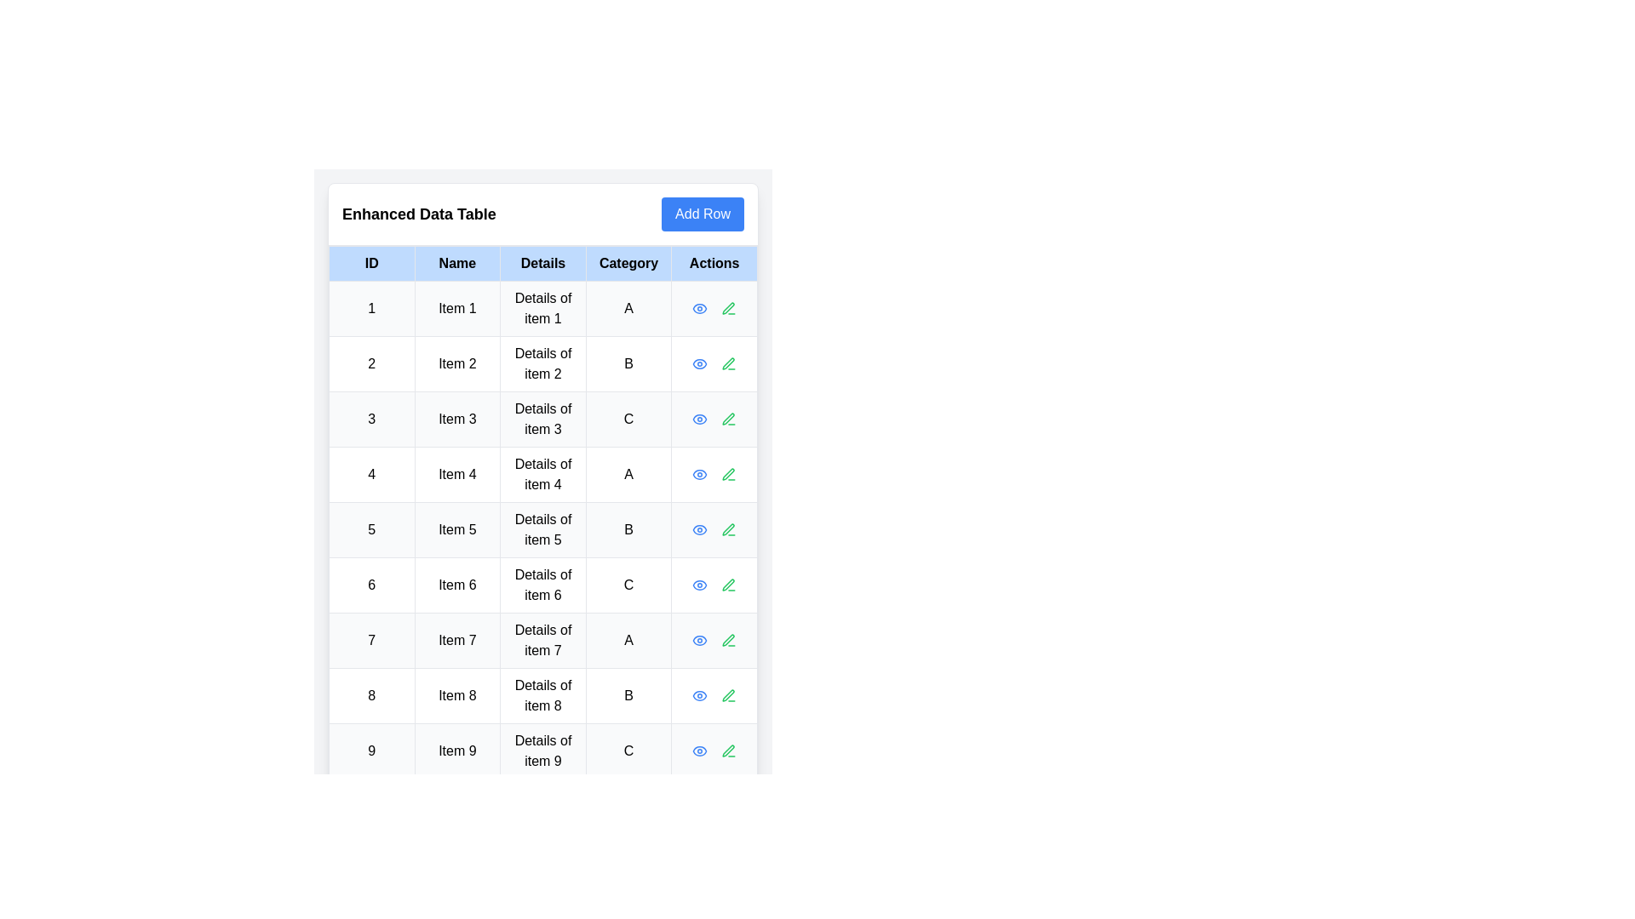 Image resolution: width=1635 pixels, height=919 pixels. Describe the element at coordinates (542, 308) in the screenshot. I see `the Table Cell in the third column of the first row of the 'Enhanced Data Table', which displays supplementary information for the first item listed` at that location.